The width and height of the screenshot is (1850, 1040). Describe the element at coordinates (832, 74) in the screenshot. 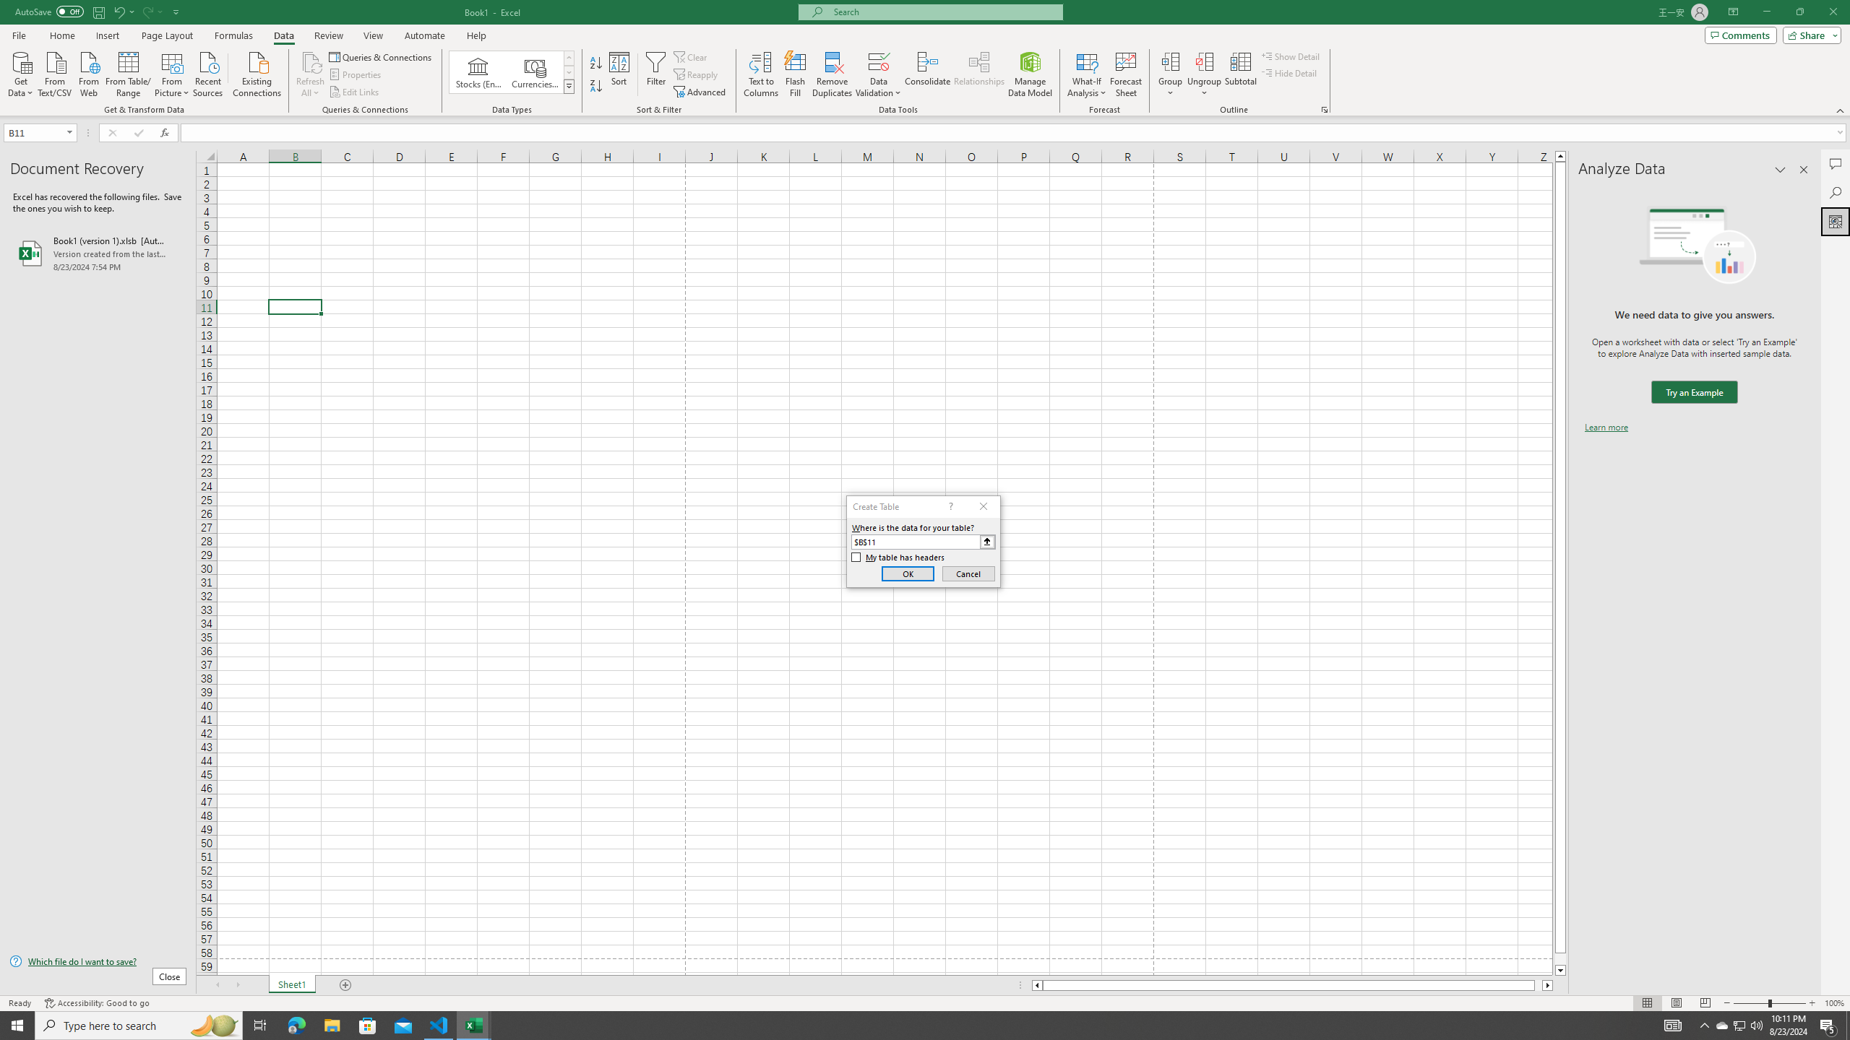

I see `'Remove Duplicates'` at that location.